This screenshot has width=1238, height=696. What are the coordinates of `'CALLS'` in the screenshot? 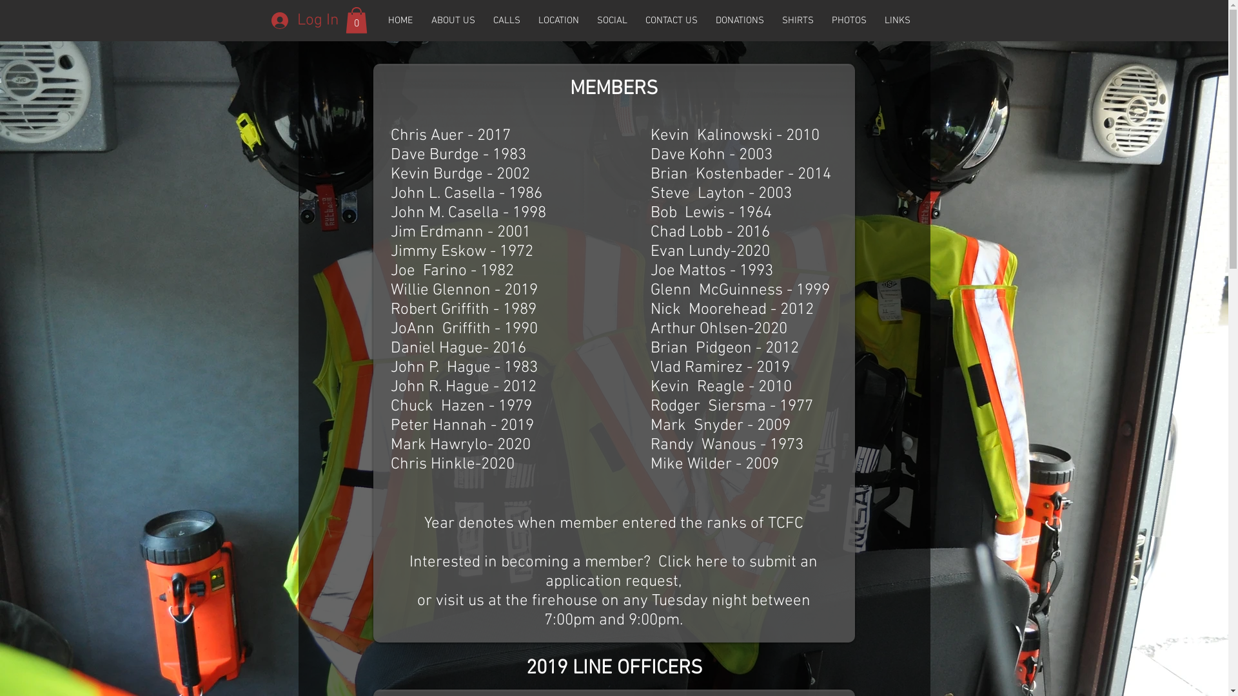 It's located at (506, 20).